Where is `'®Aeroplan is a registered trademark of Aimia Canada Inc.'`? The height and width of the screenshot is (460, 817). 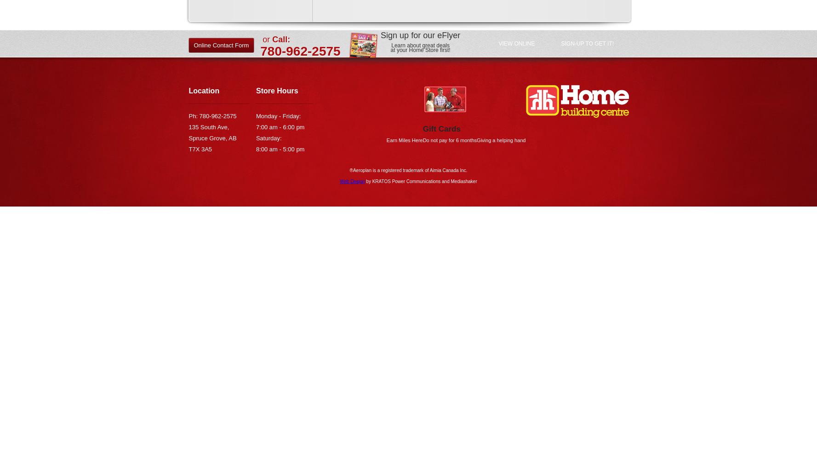
'®Aeroplan is a registered trademark of Aimia Canada Inc.' is located at coordinates (407, 169).